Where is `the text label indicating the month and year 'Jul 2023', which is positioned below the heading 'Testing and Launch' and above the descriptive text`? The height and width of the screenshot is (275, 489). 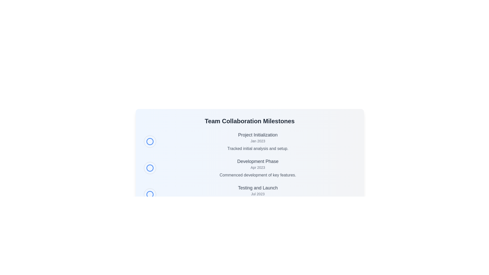
the text label indicating the month and year 'Jul 2023', which is positioned below the heading 'Testing and Launch' and above the descriptive text is located at coordinates (258, 194).